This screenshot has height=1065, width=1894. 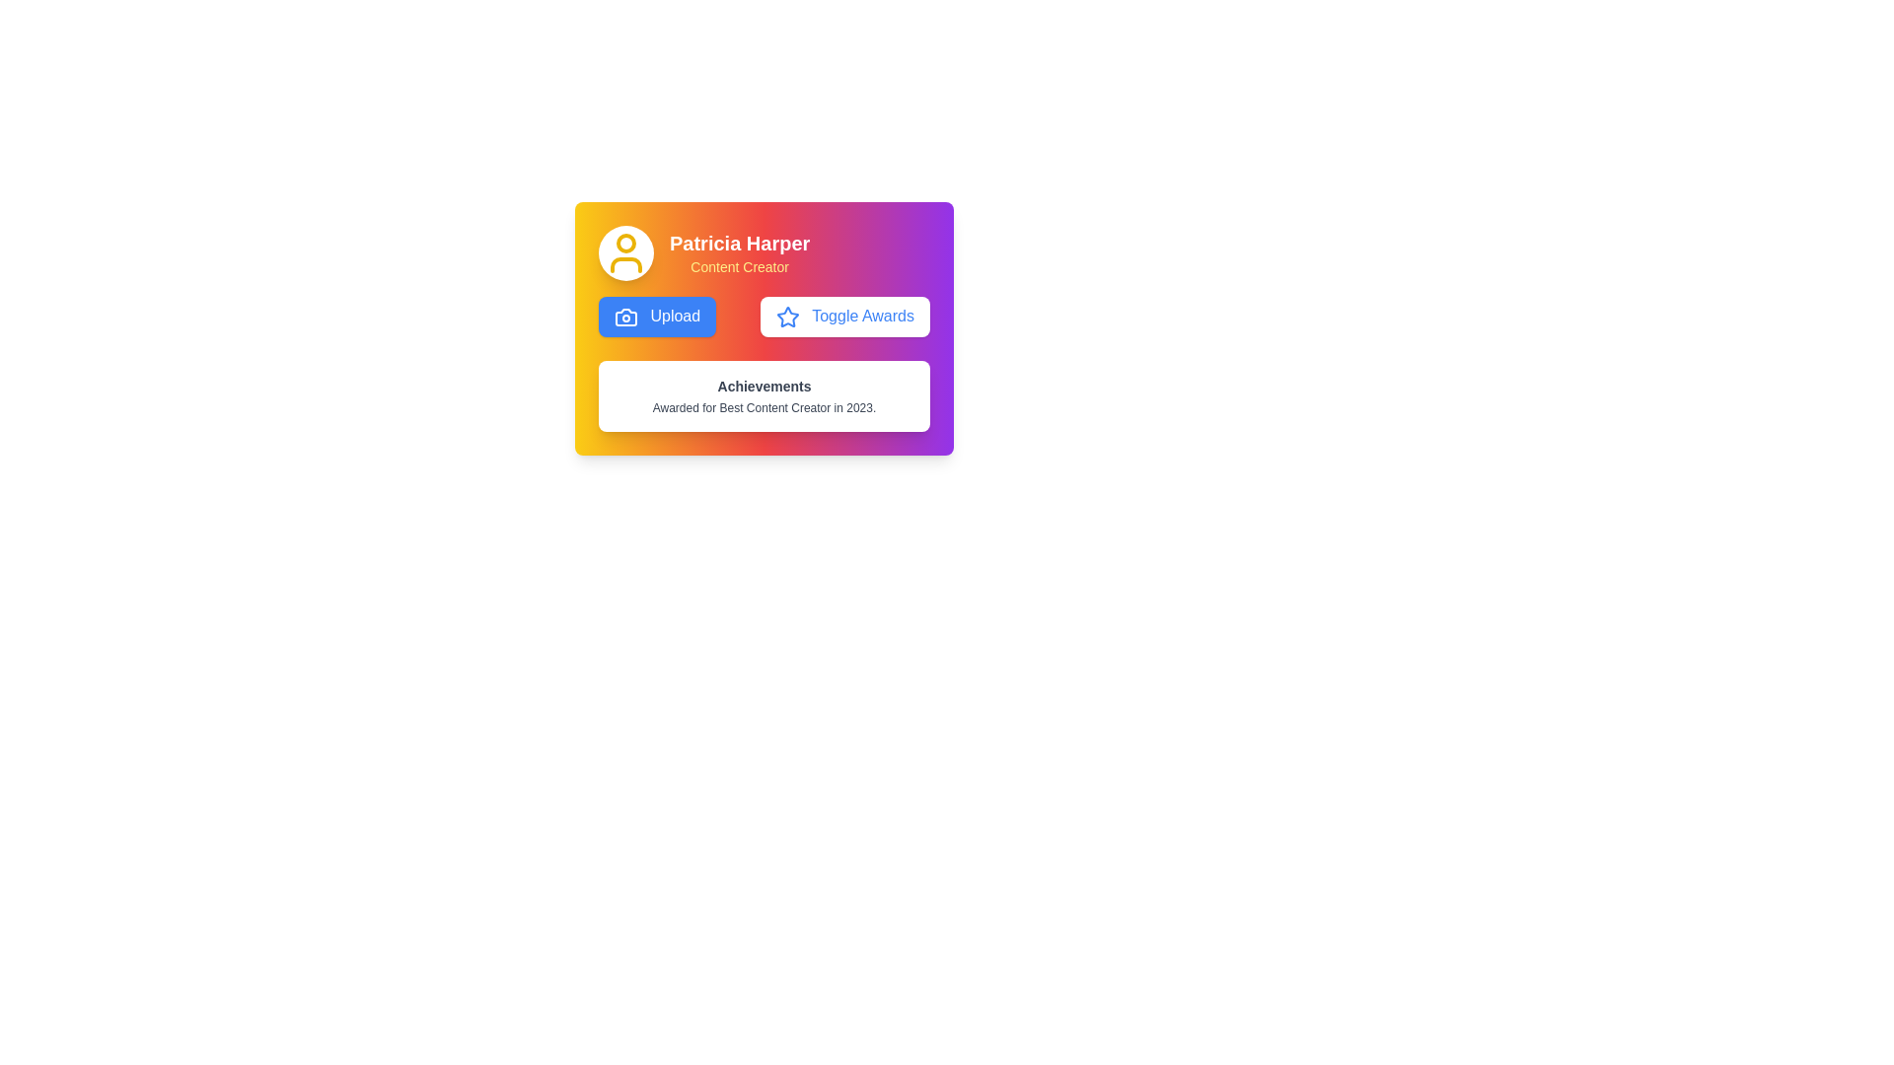 What do you see at coordinates (624, 315) in the screenshot?
I see `the 'Upload' button, which features a camera icon representing the upload functionality and is located just below the name and title section, to the left of the 'Toggle Awards' button` at bounding box center [624, 315].